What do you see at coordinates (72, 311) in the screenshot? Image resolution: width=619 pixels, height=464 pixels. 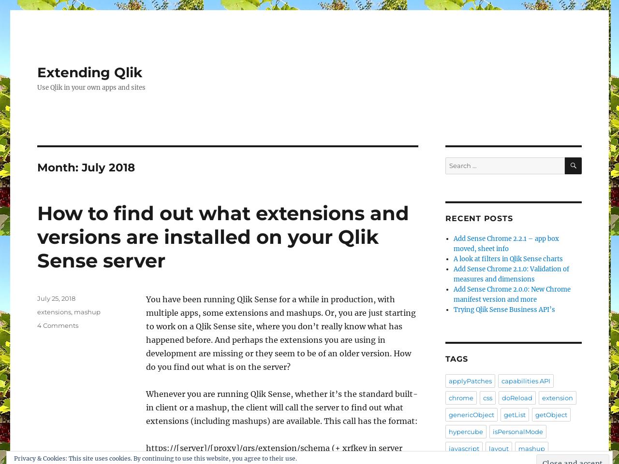 I see `','` at bounding box center [72, 311].